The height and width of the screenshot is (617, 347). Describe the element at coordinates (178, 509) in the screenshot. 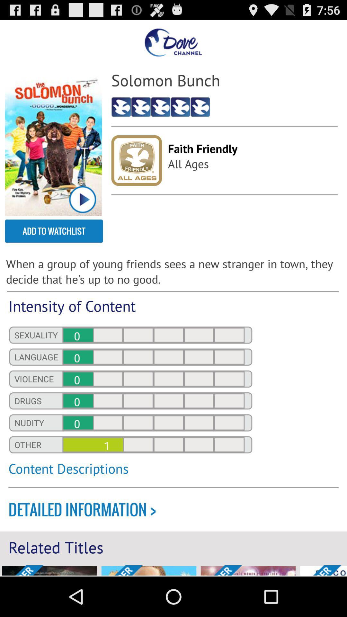

I see `the icon above related titles` at that location.